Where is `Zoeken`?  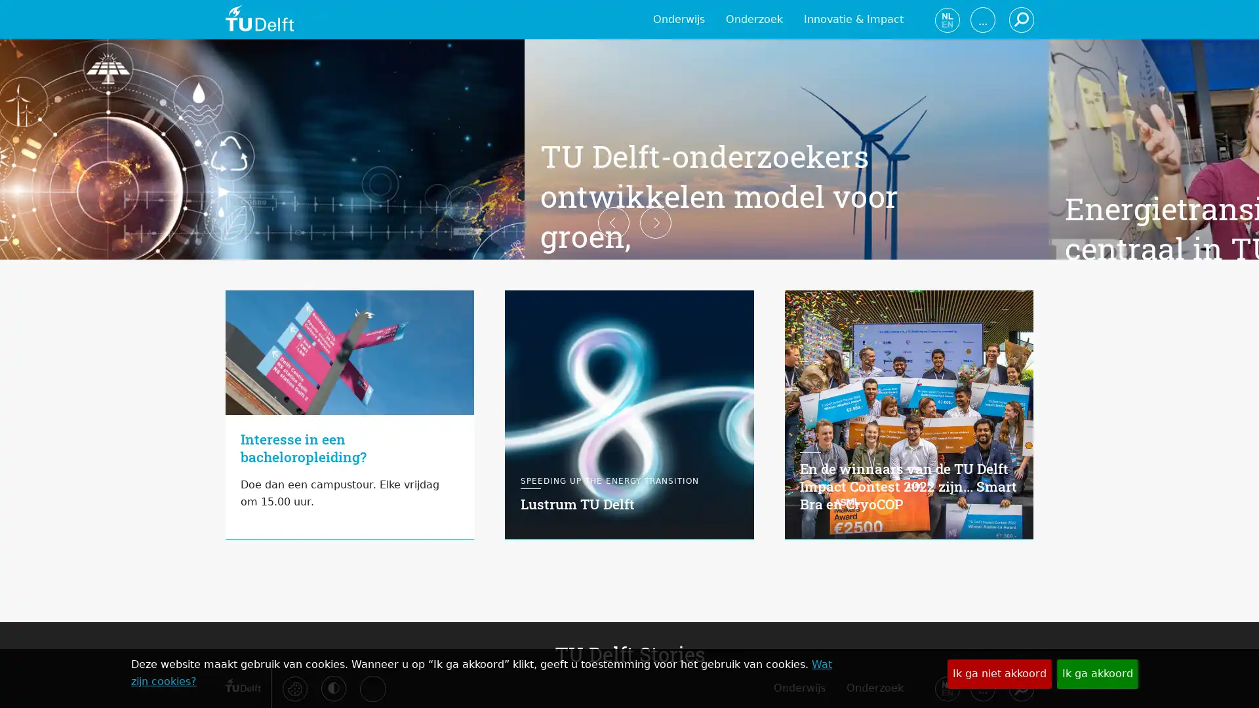 Zoeken is located at coordinates (1020, 687).